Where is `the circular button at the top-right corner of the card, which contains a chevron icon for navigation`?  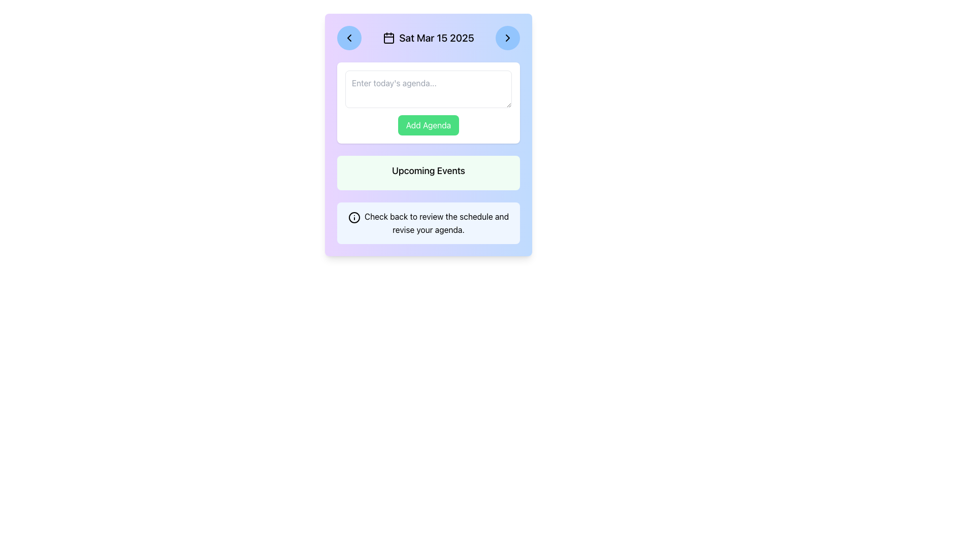 the circular button at the top-right corner of the card, which contains a chevron icon for navigation is located at coordinates (507, 37).